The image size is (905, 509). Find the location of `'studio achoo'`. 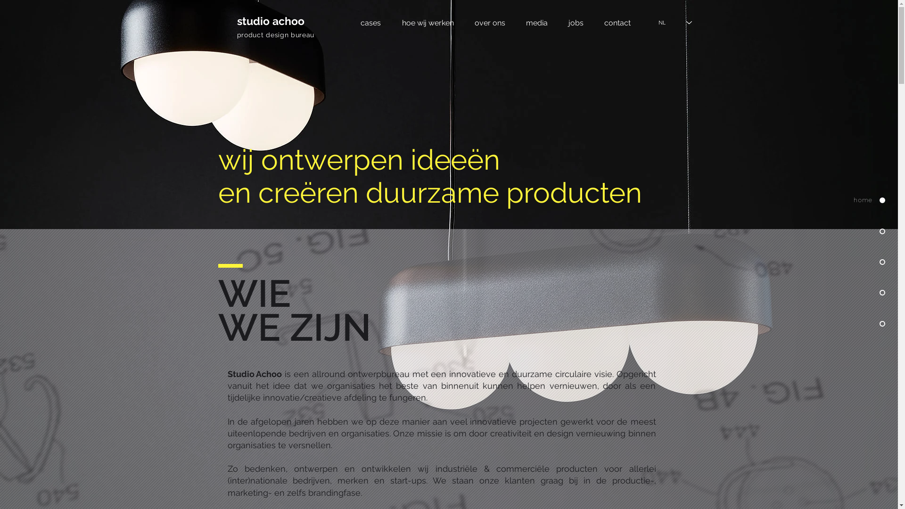

'studio achoo' is located at coordinates (270, 21).